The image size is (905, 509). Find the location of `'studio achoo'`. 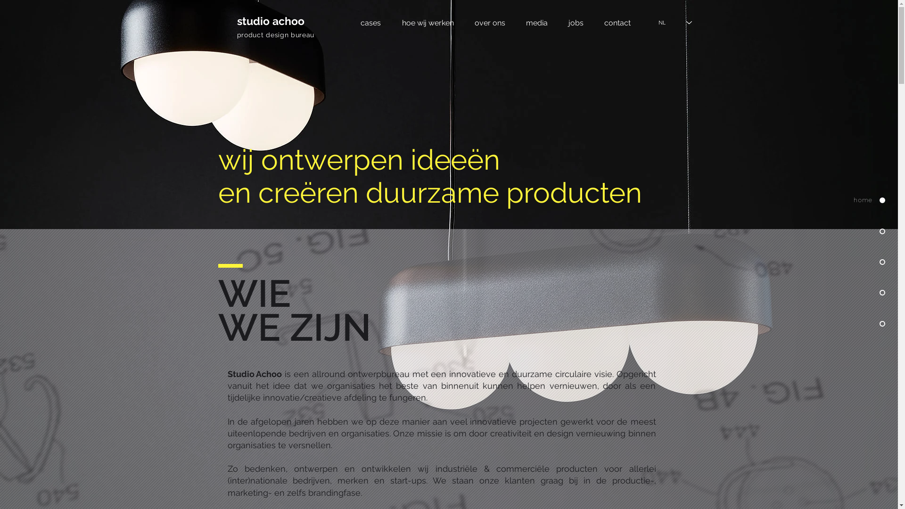

'studio achoo' is located at coordinates (270, 21).